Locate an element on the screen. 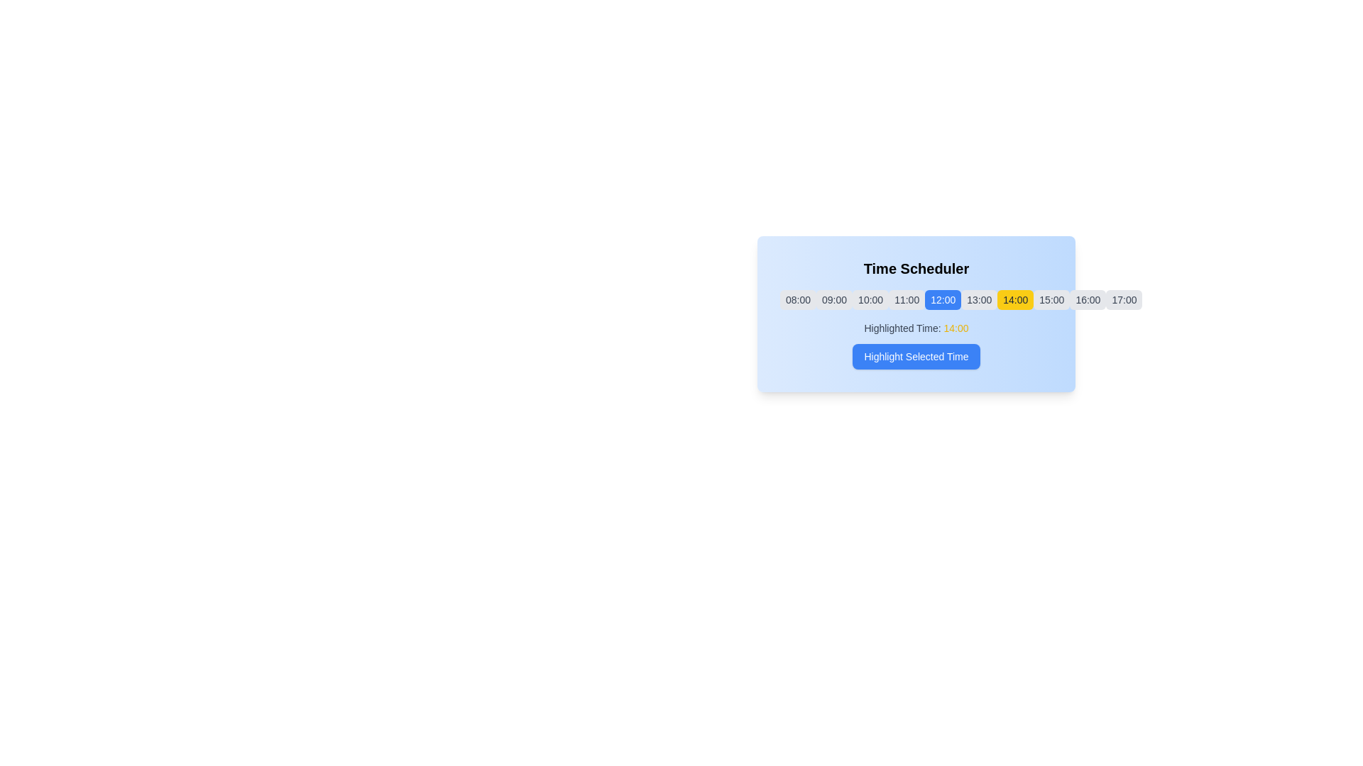 The height and width of the screenshot is (766, 1363). the Text label that conveys the currently highlighted or selected time, located above the 'Highlight Selected Time' button and below the time selector row is located at coordinates (916, 328).